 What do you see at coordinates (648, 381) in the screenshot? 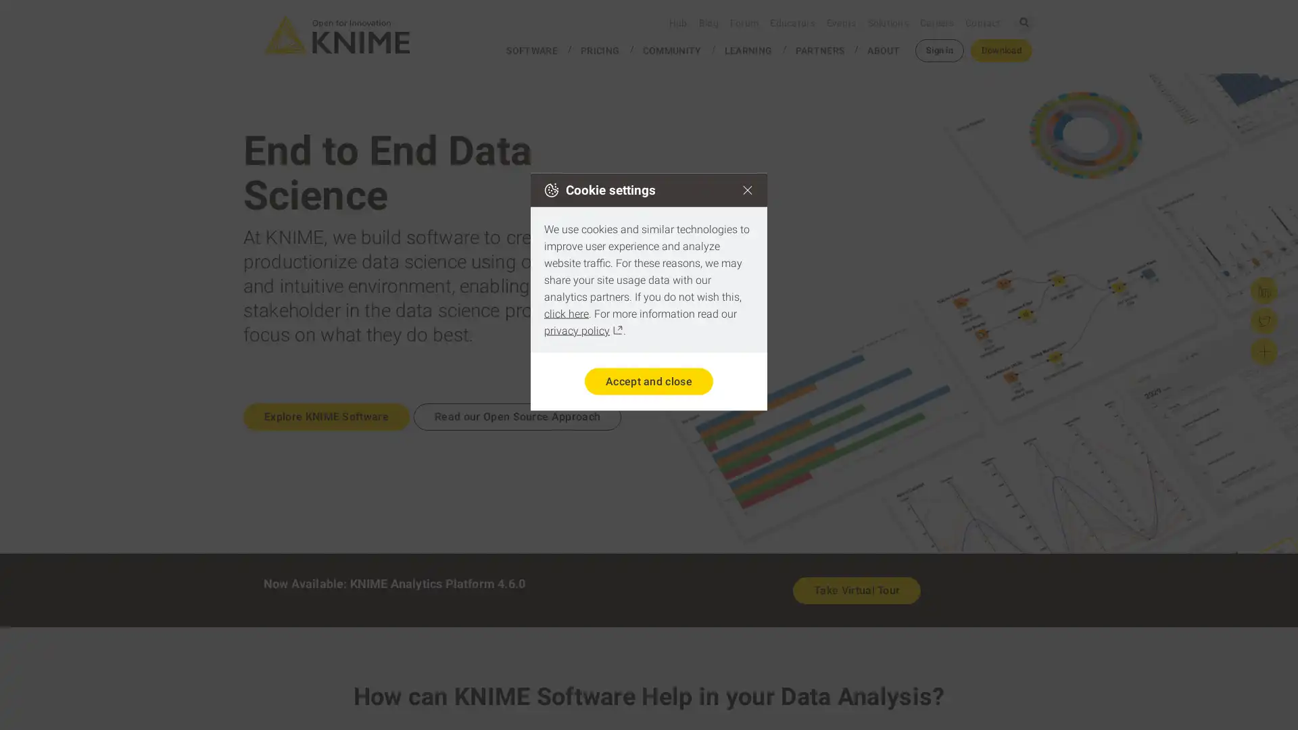
I see `Accept and close` at bounding box center [648, 381].